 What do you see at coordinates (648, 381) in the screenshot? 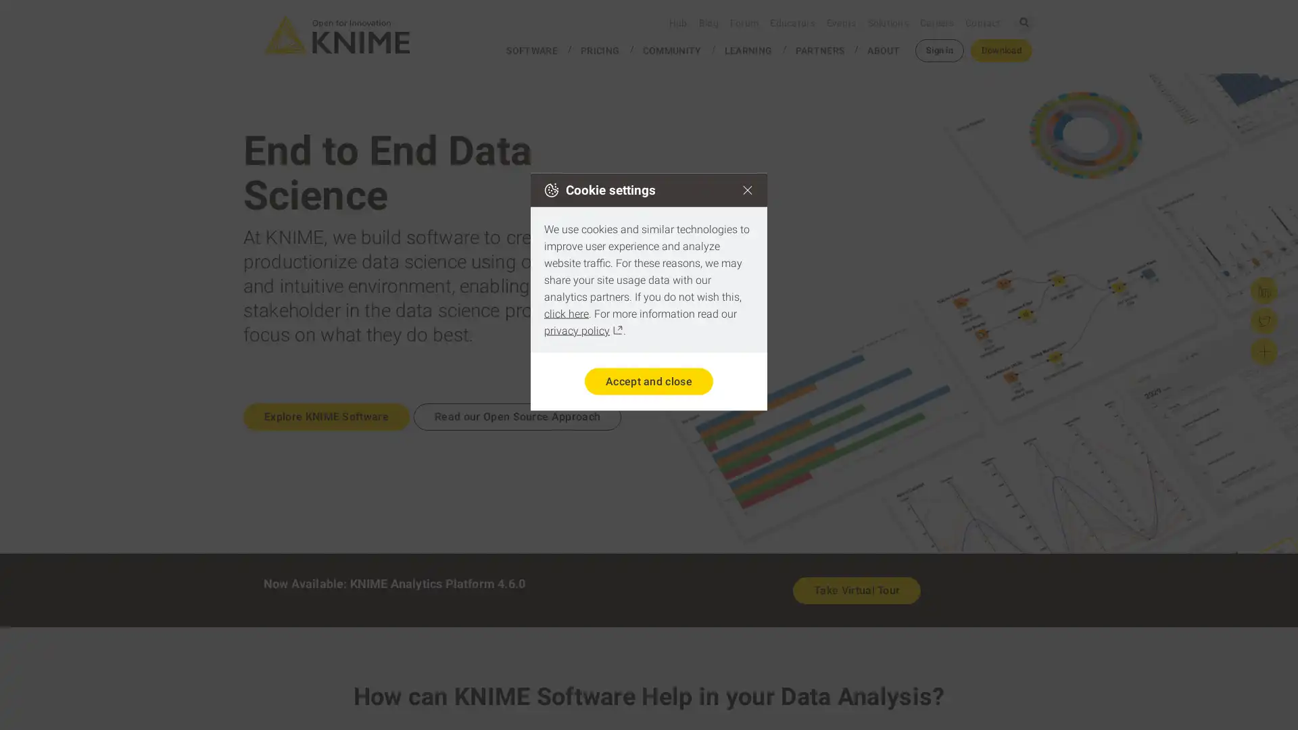
I see `Accept and close` at bounding box center [648, 381].